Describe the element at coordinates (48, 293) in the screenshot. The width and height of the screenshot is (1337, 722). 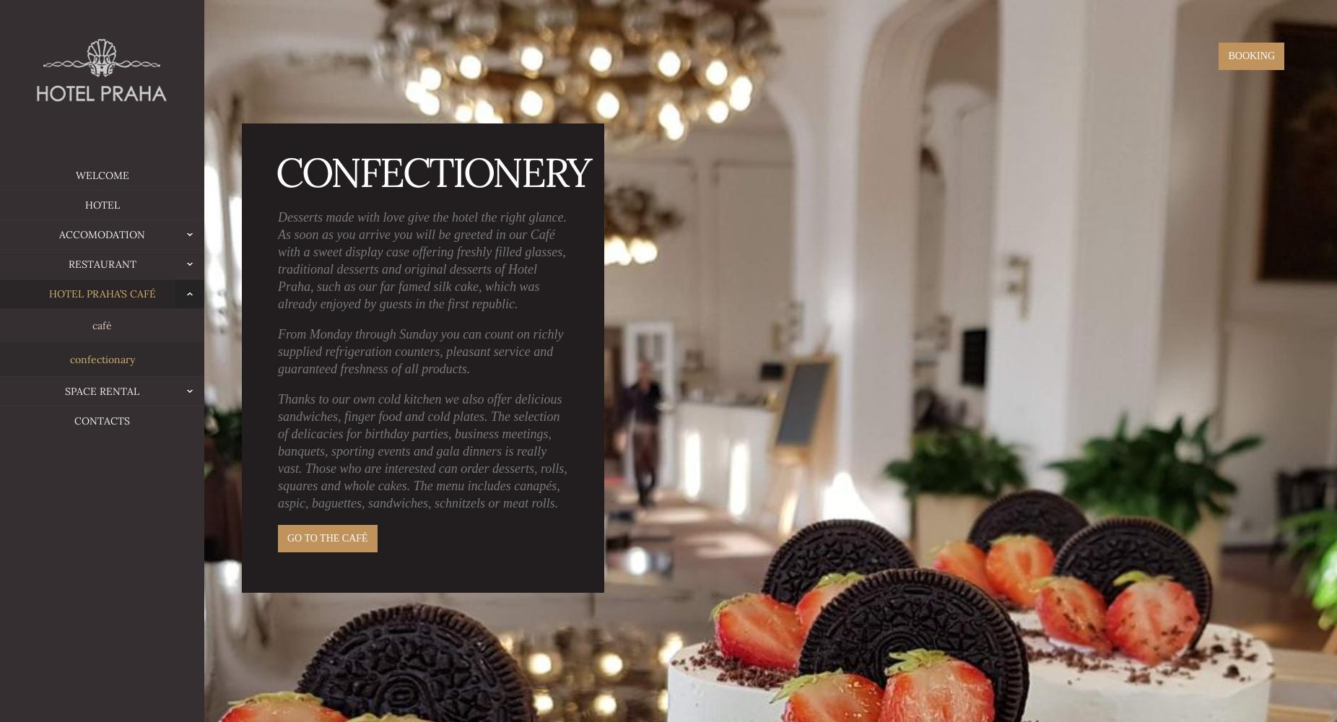
I see `'Hotel Praha’s café'` at that location.